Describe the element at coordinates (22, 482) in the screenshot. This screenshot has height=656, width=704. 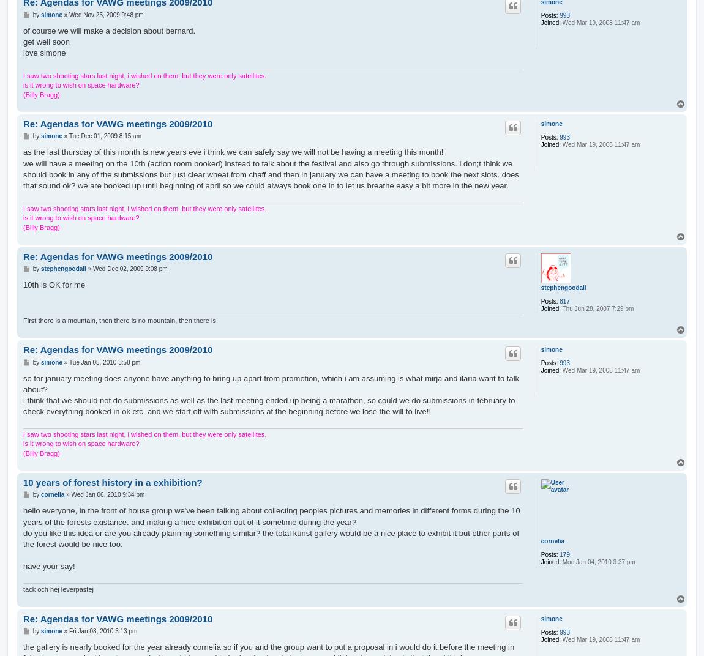
I see `'10 years of forest history in a exhibition?'` at that location.